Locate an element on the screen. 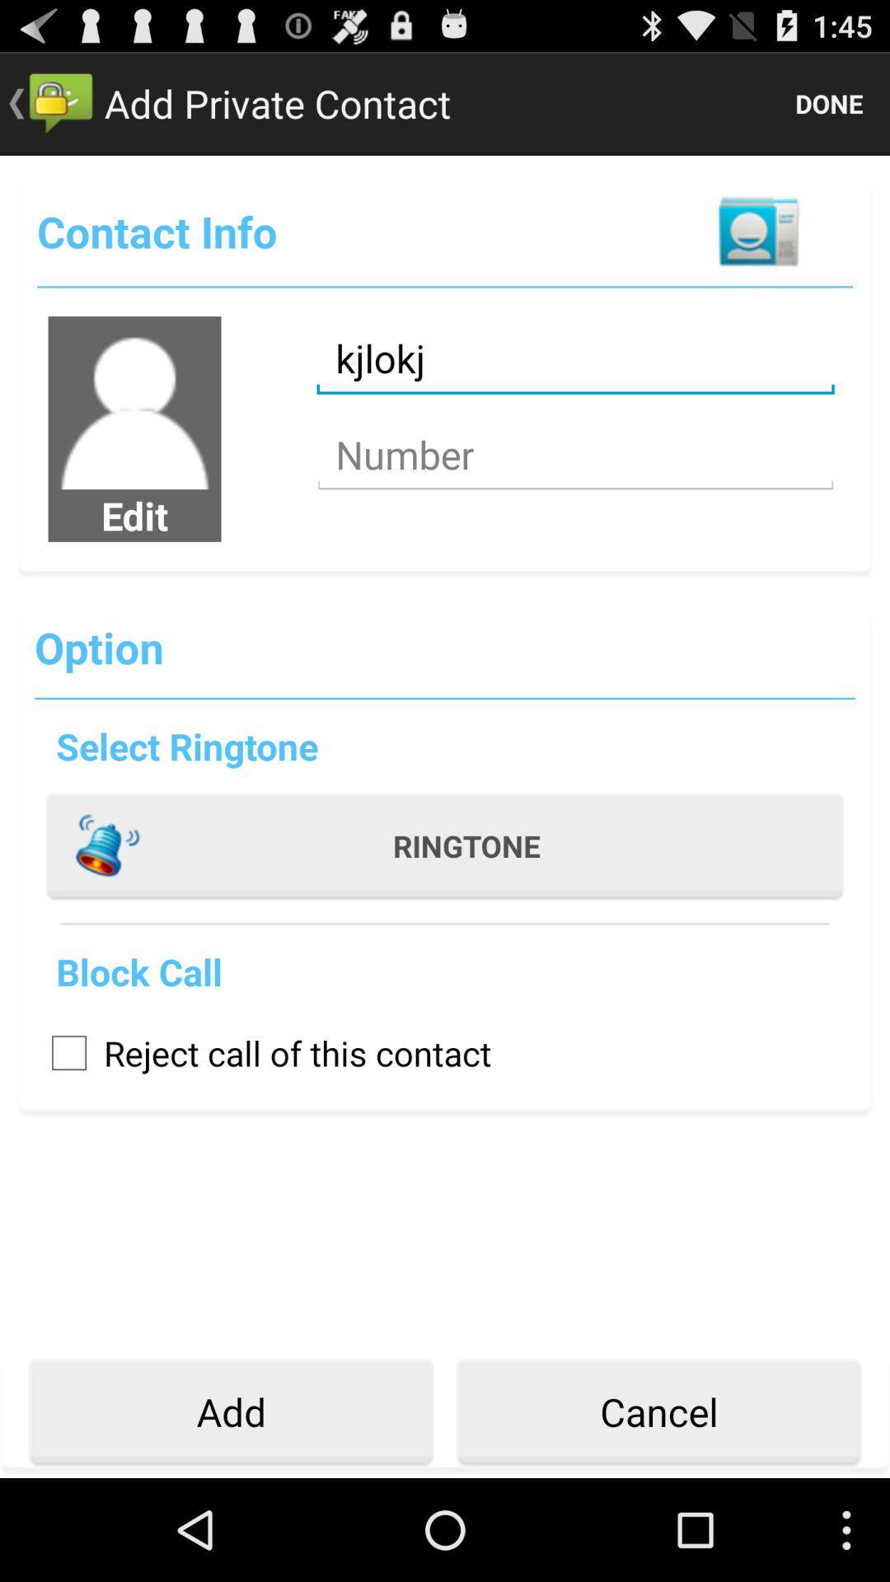  the avatar icon is located at coordinates (133, 431).